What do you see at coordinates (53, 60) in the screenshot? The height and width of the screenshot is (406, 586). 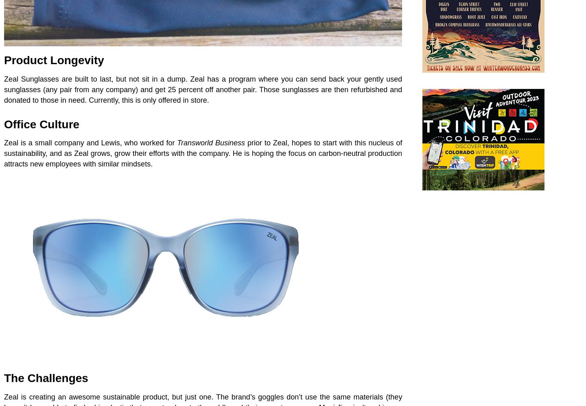 I see `'Product Longevity'` at bounding box center [53, 60].